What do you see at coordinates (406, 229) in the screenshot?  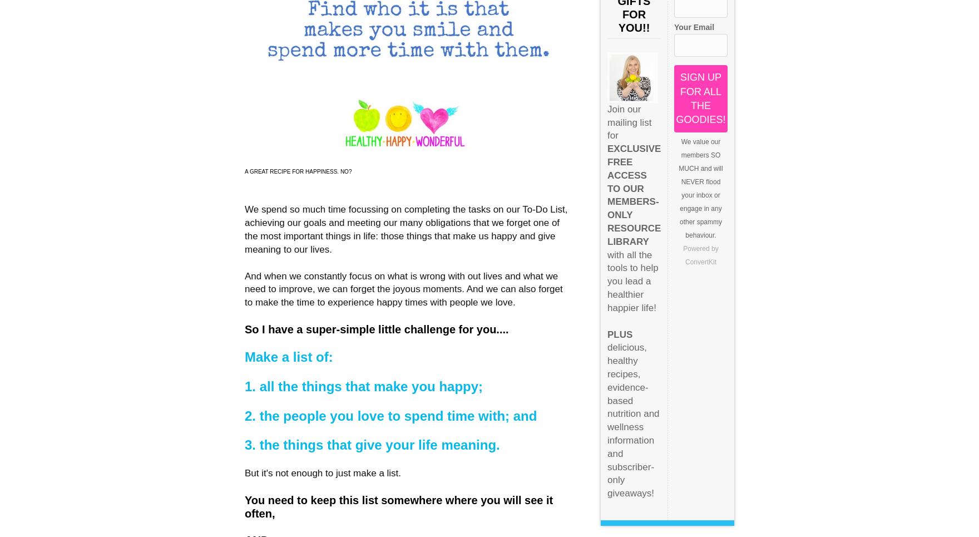 I see `'We spend so much time focussing on completing the tasks on our To-Do List, achieving our goals and meeting our many obligations that we forget one of the most important things in life: those things that make us happy and give meaning to our lives.'` at bounding box center [406, 229].